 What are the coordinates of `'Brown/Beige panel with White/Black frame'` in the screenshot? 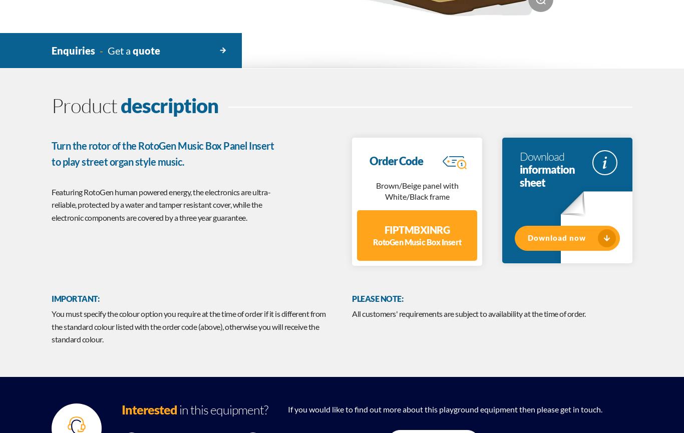 It's located at (416, 191).